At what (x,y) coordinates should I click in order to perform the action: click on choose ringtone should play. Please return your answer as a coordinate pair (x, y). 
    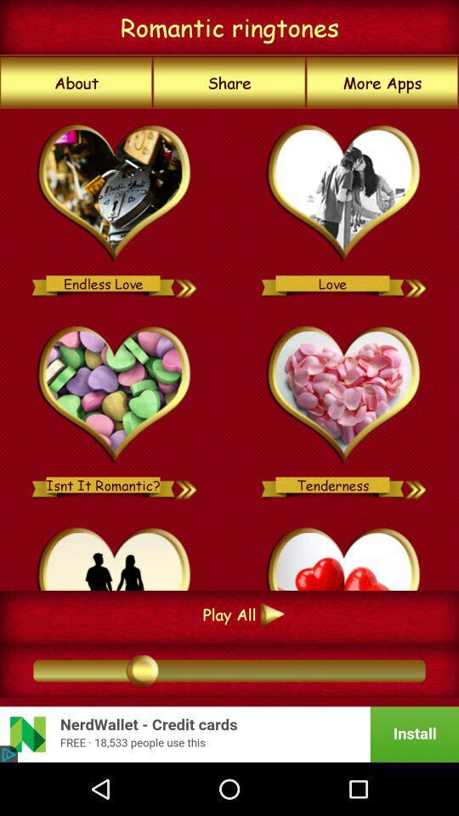
    Looking at the image, I should click on (344, 555).